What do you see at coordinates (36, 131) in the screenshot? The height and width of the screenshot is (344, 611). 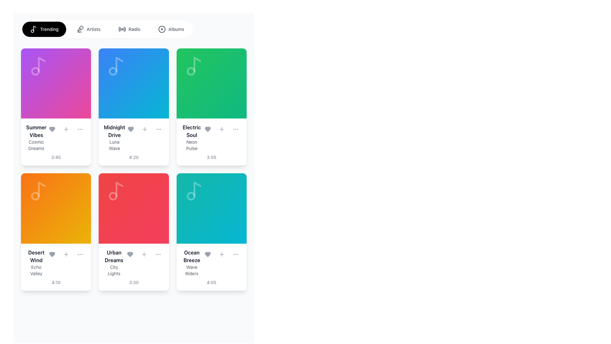 I see `text from the title label of the music card located at the top-left corner of the grid layout, which displays the album or playlist name above the subtitle 'Cosmic Dreams'` at bounding box center [36, 131].